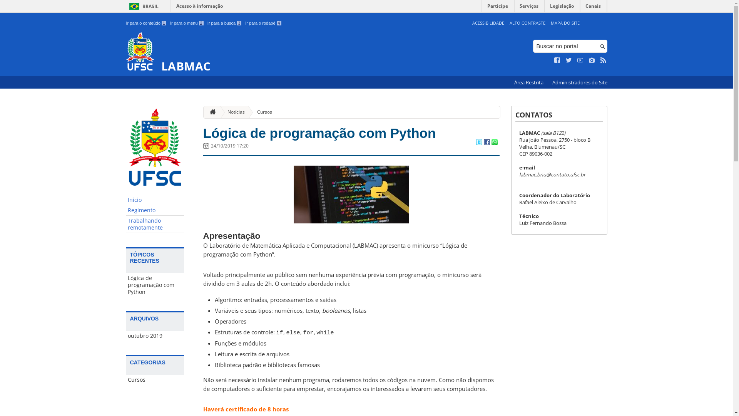 Image resolution: width=739 pixels, height=416 pixels. I want to click on 'Trabalhando remotamente', so click(155, 224).